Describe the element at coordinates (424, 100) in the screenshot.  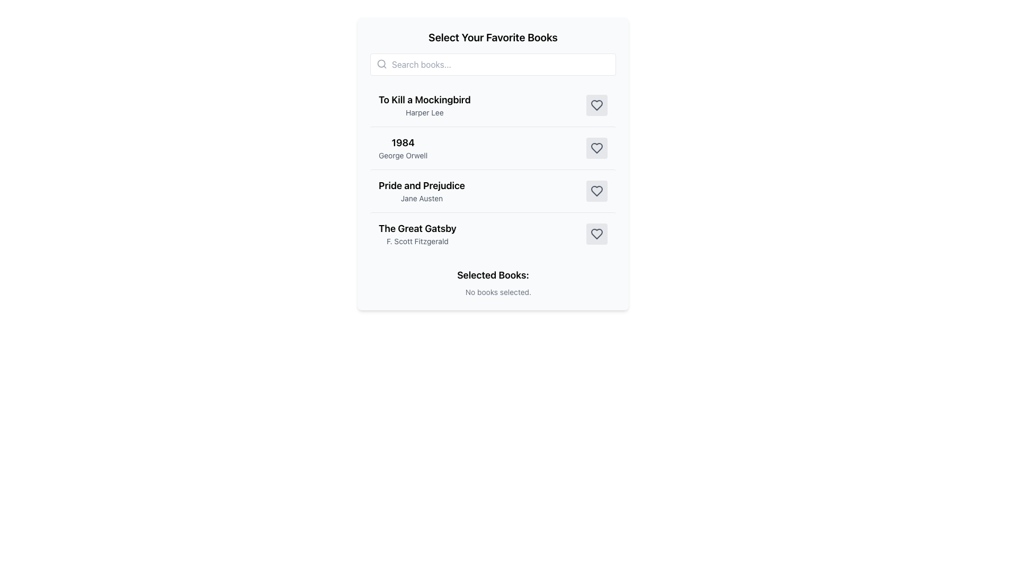
I see `text label displaying the title 'To Kill a Mockingbird' located at the top-left corner of the list of books for book identification` at that location.